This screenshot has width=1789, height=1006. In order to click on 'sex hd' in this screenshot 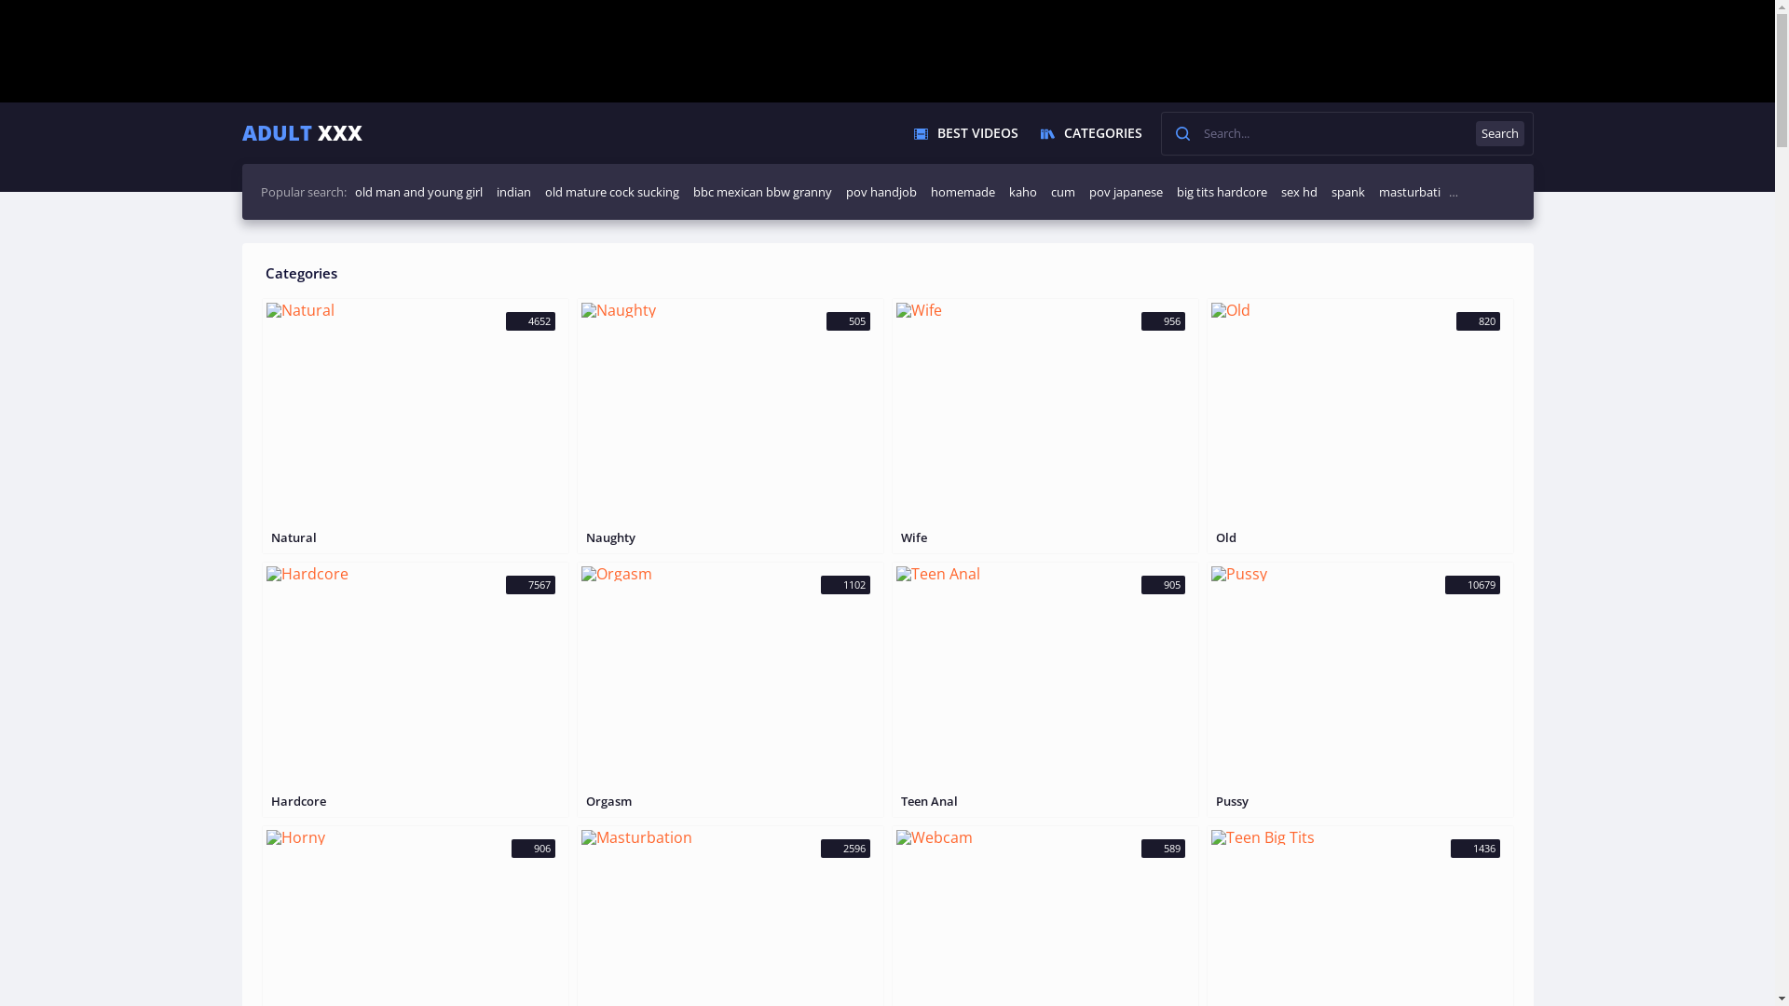, I will do `click(1297, 191)`.